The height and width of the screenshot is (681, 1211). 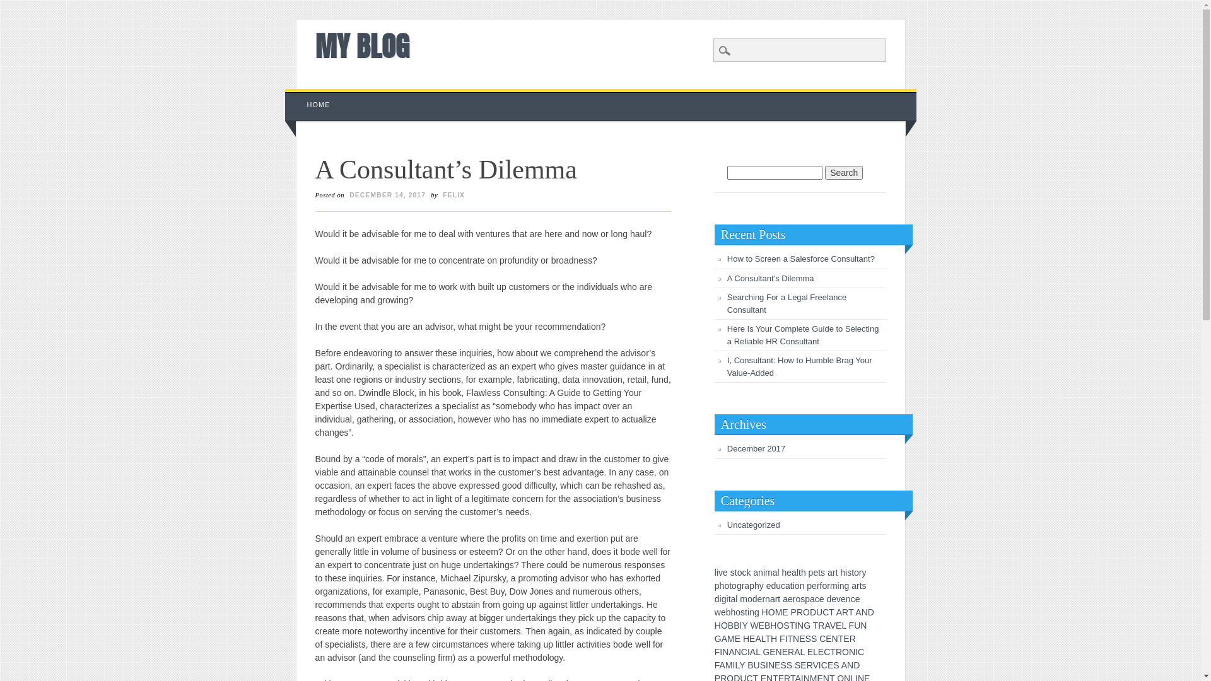 I want to click on 'h', so click(x=733, y=612).